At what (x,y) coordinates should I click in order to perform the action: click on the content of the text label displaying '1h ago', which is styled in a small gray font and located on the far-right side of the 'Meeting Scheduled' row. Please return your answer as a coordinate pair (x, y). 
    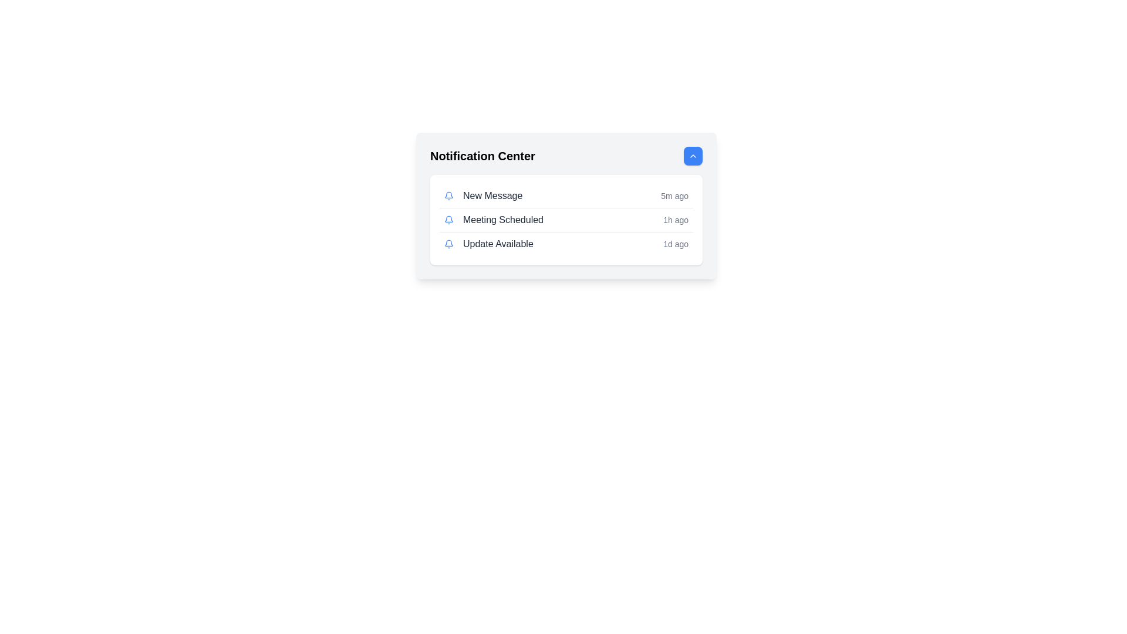
    Looking at the image, I should click on (676, 220).